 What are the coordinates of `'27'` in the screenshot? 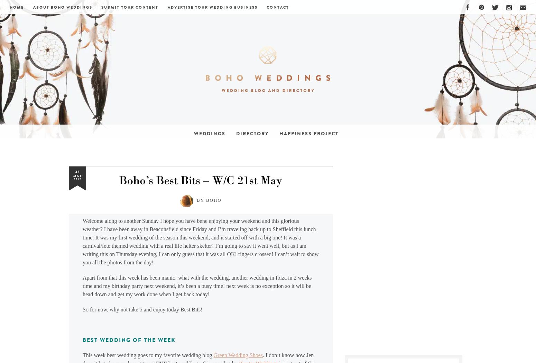 It's located at (77, 171).